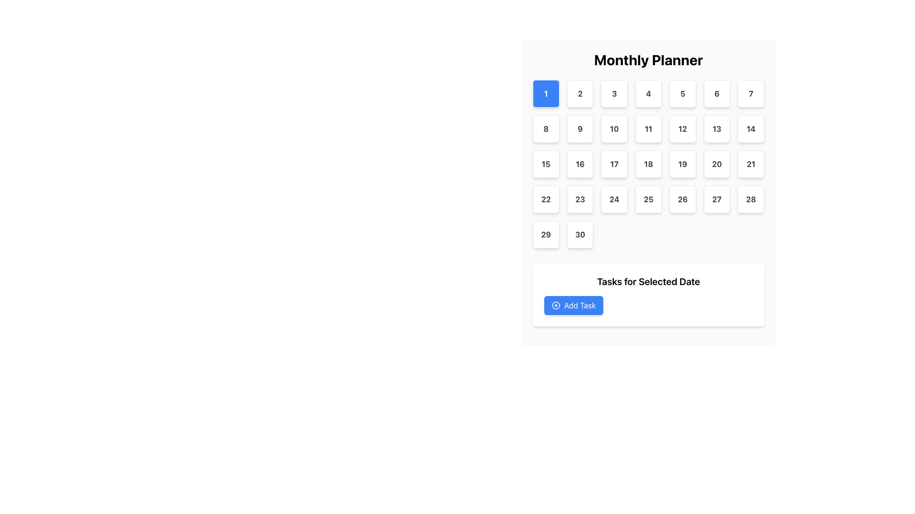  I want to click on the button representing the third day of the month in the calendar, so click(614, 93).